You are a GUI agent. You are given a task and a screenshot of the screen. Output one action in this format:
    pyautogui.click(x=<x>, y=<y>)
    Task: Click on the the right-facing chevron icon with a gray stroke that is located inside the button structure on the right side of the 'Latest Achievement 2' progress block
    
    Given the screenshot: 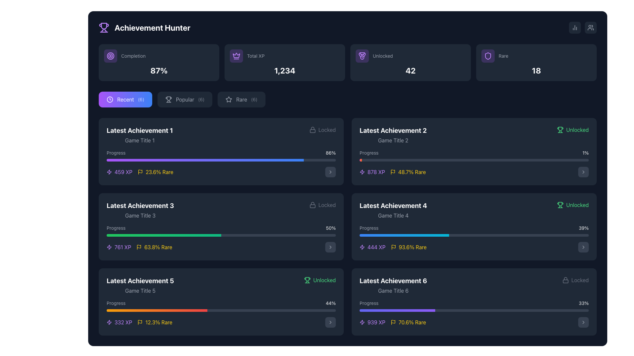 What is the action you would take?
    pyautogui.click(x=331, y=247)
    